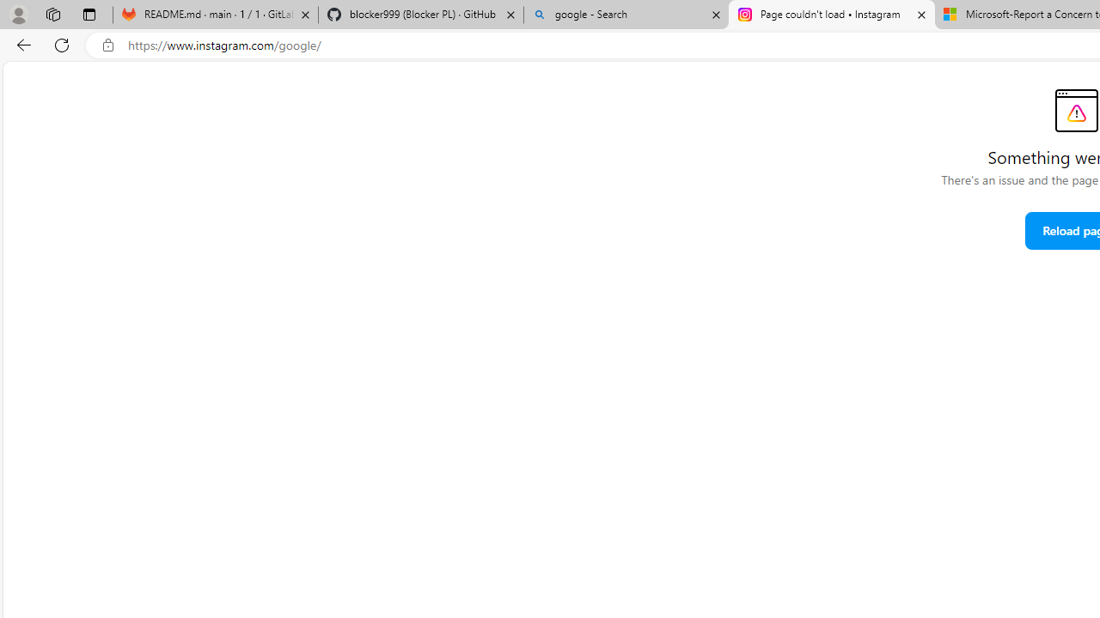 The width and height of the screenshot is (1100, 618). I want to click on 'Tab actions menu', so click(89, 14).